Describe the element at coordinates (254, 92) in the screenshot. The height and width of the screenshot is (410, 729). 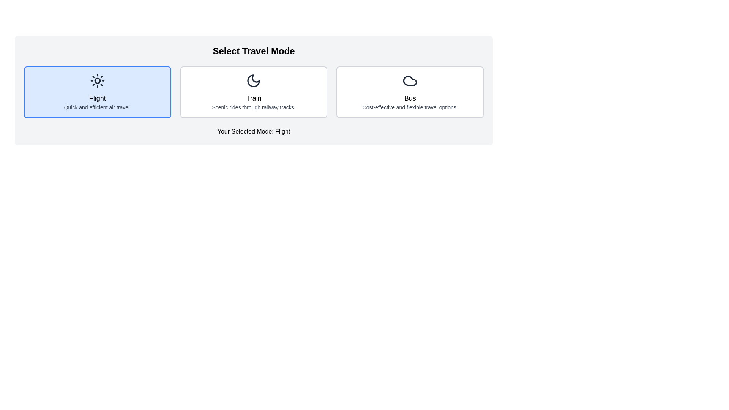
I see `the selection card for the 'Train' travel mode, which provides contextual information about scenic railway rides, located in the middle column between the 'Flight' and 'Bus' cards` at that location.